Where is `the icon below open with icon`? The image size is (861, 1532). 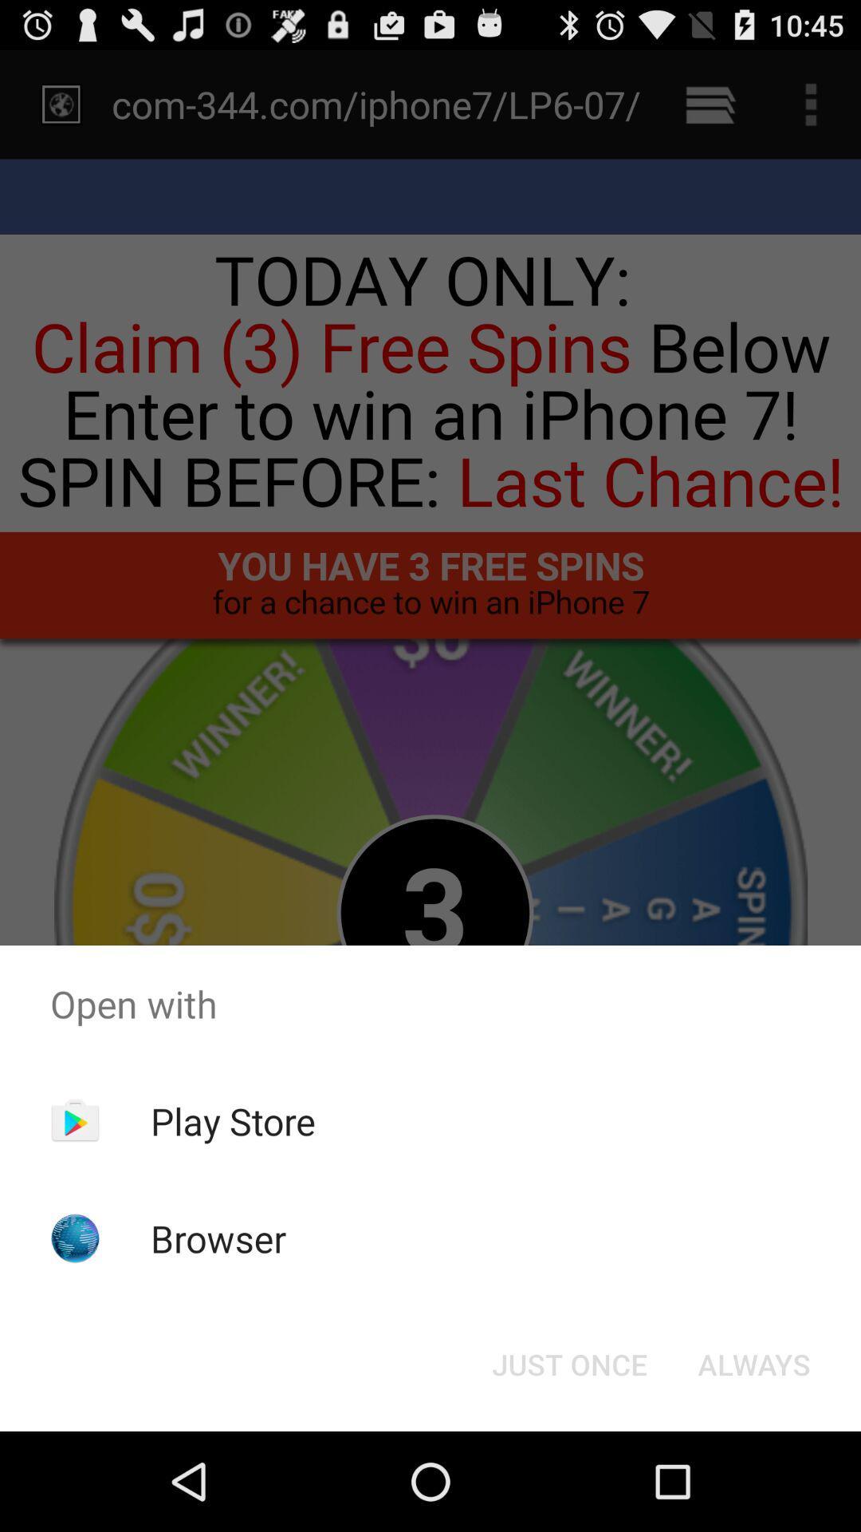 the icon below open with icon is located at coordinates (233, 1120).